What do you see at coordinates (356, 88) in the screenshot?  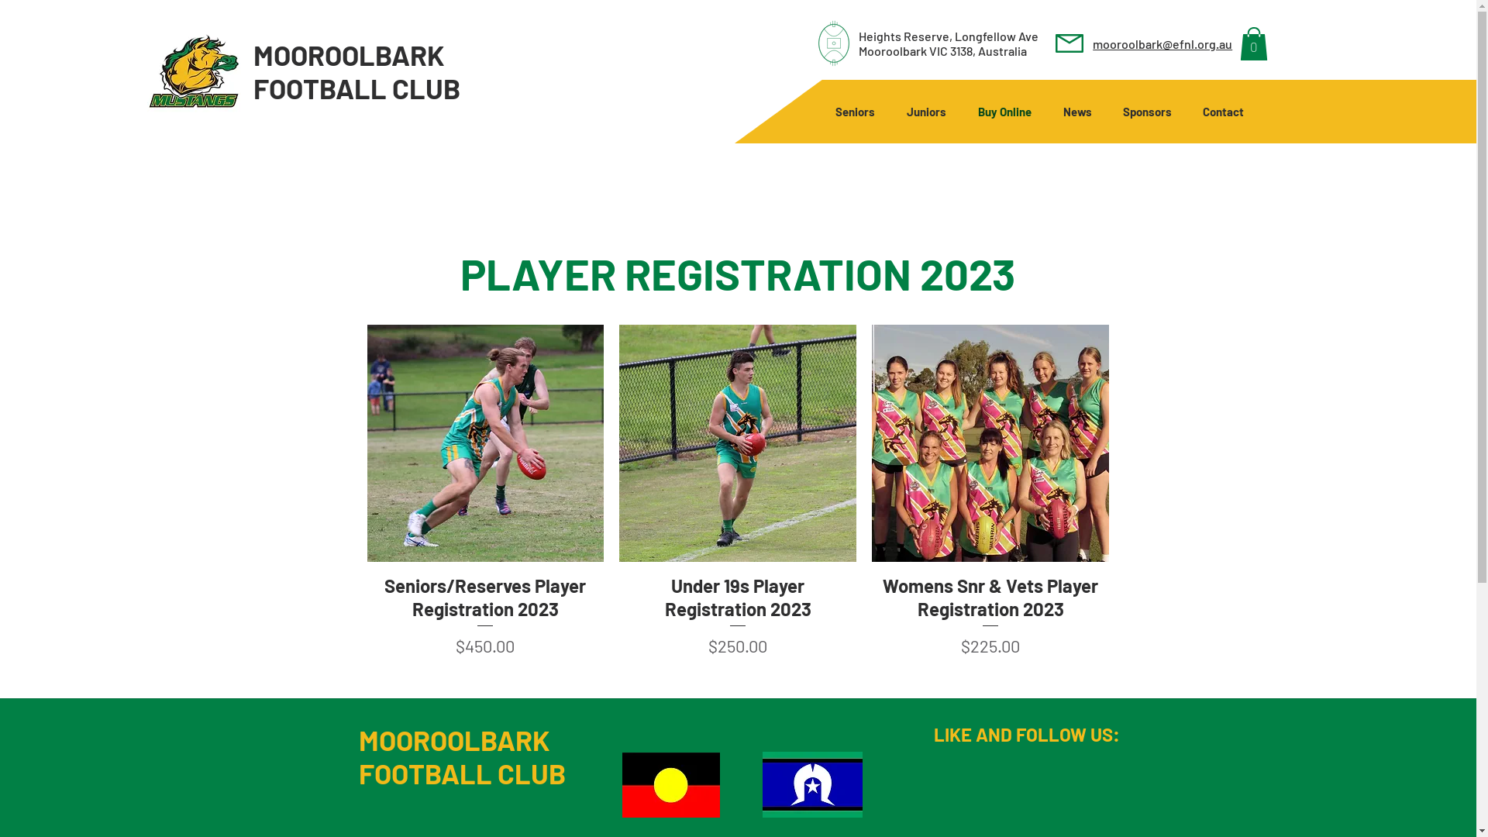 I see `'FOOTBALL CLUB'` at bounding box center [356, 88].